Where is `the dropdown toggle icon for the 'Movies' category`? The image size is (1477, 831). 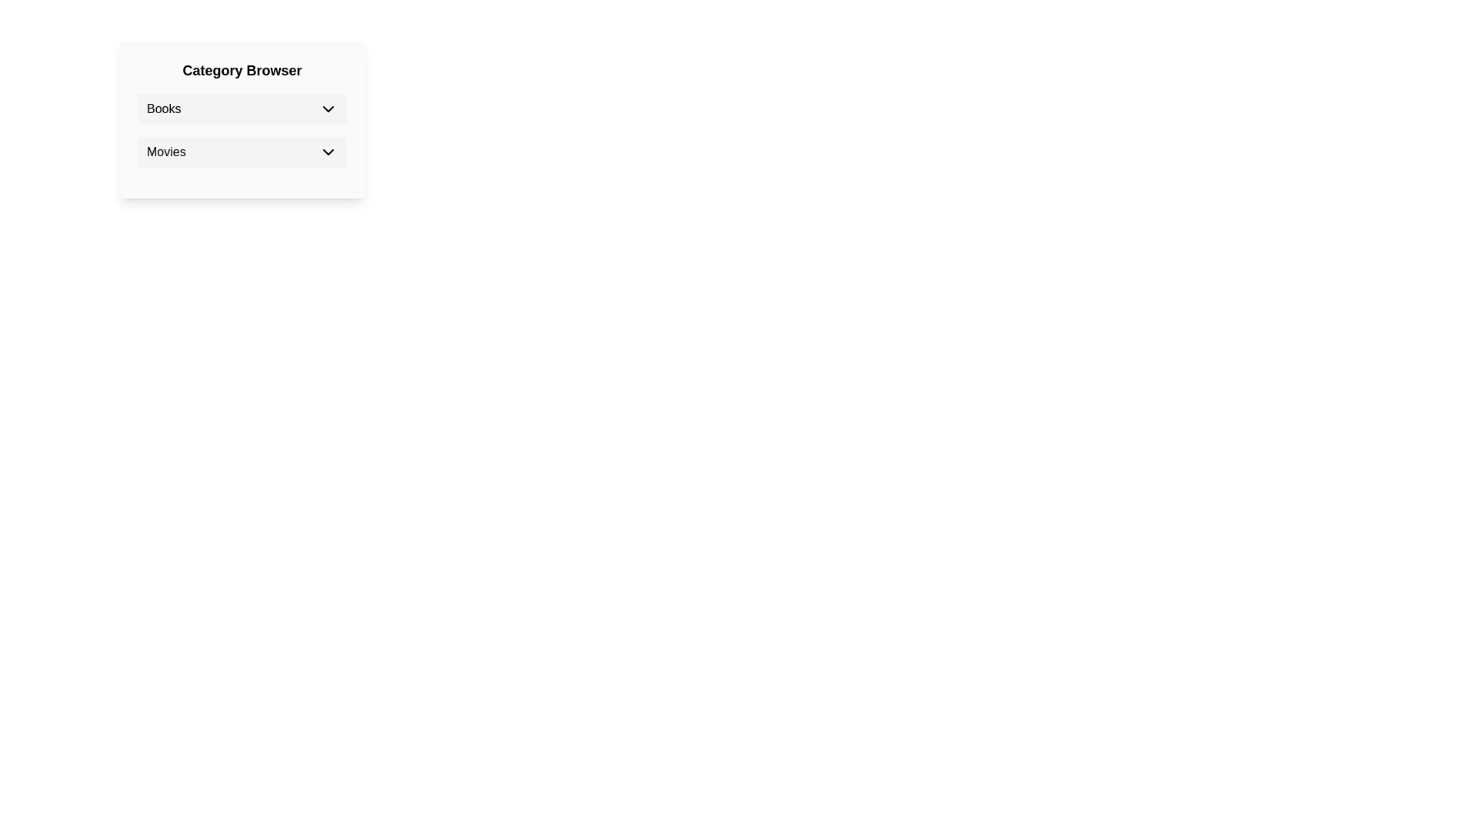 the dropdown toggle icon for the 'Movies' category is located at coordinates (328, 152).